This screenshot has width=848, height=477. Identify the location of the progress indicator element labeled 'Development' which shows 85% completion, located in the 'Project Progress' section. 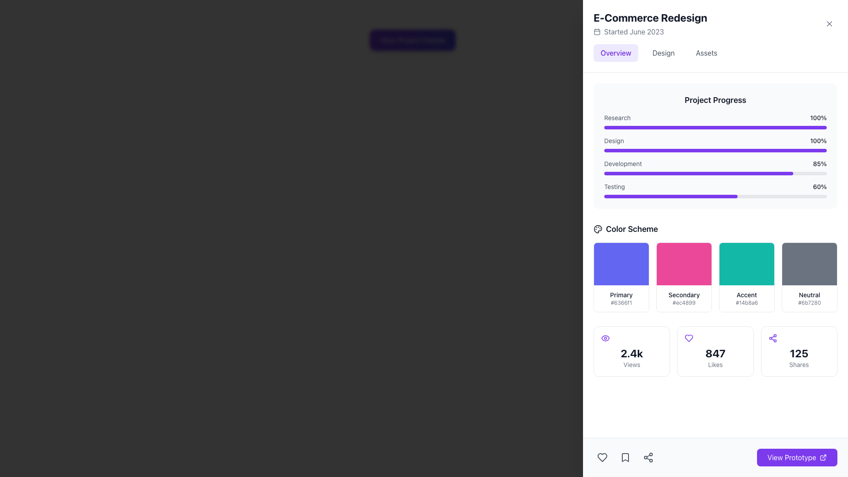
(715, 167).